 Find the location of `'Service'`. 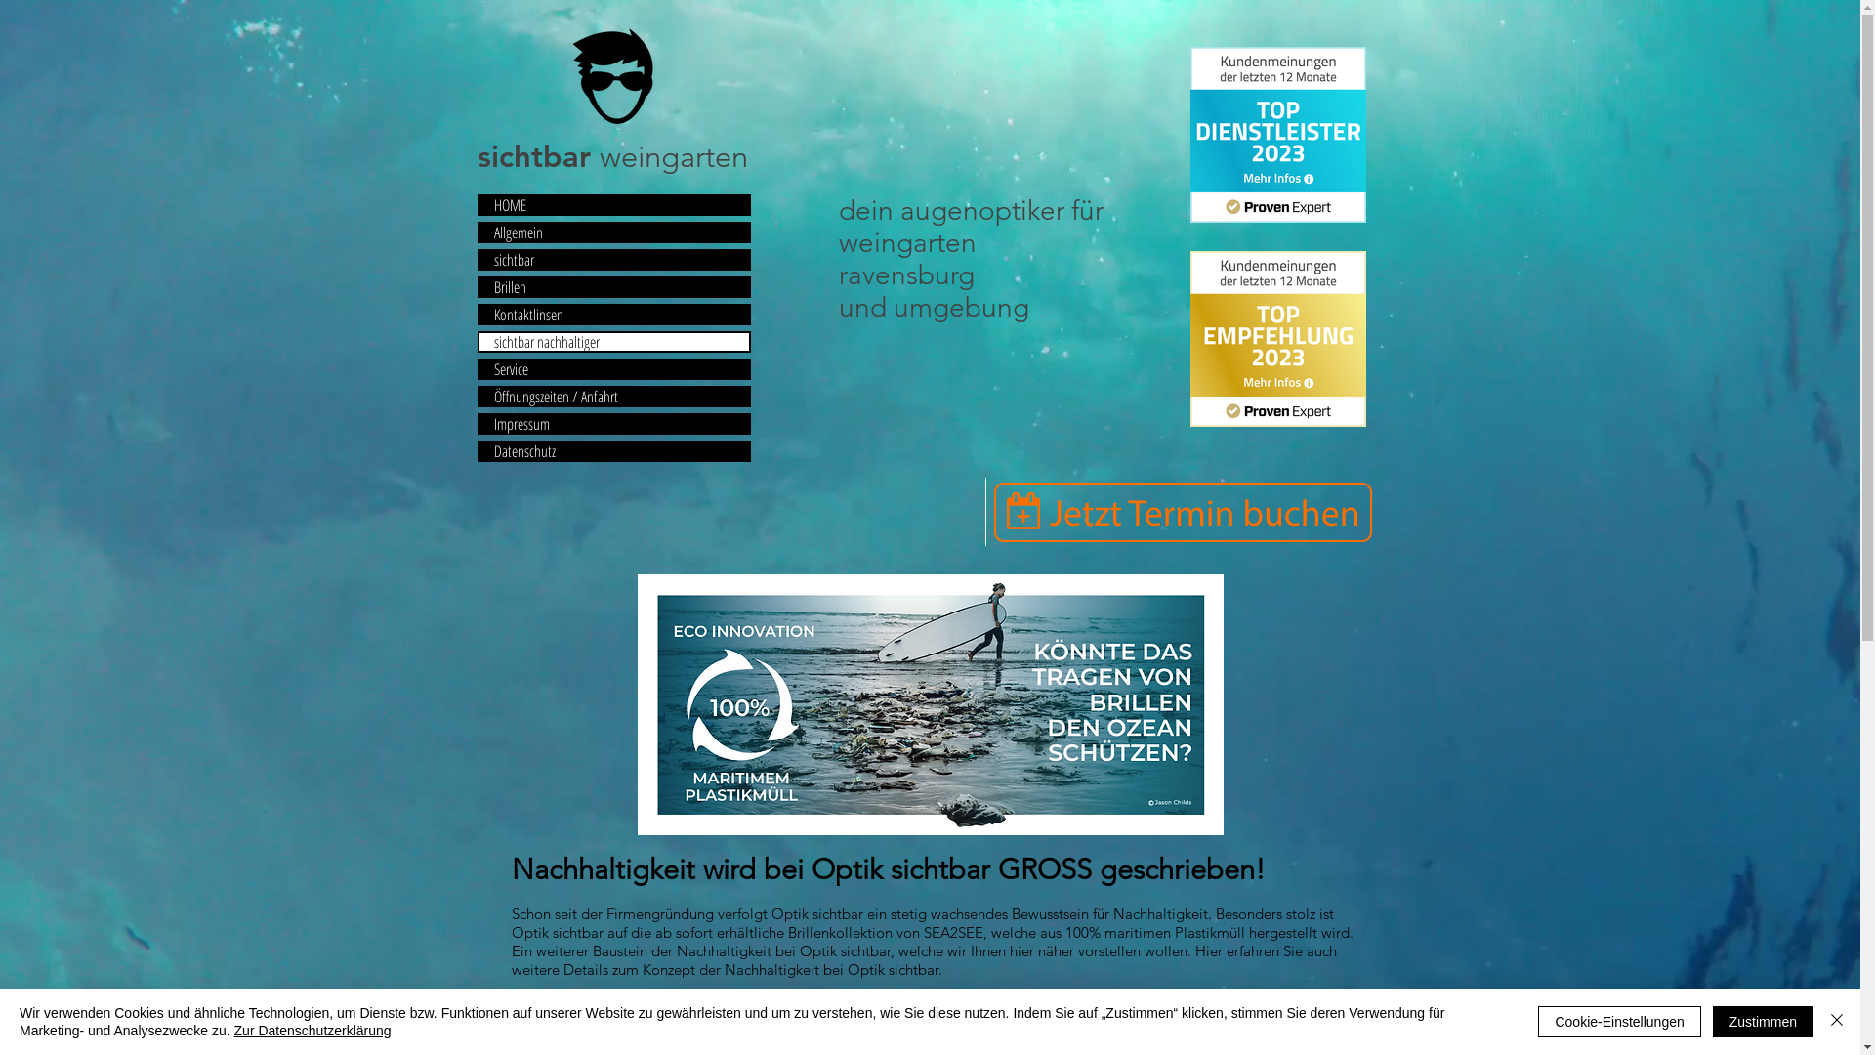

'Service' is located at coordinates (612, 369).